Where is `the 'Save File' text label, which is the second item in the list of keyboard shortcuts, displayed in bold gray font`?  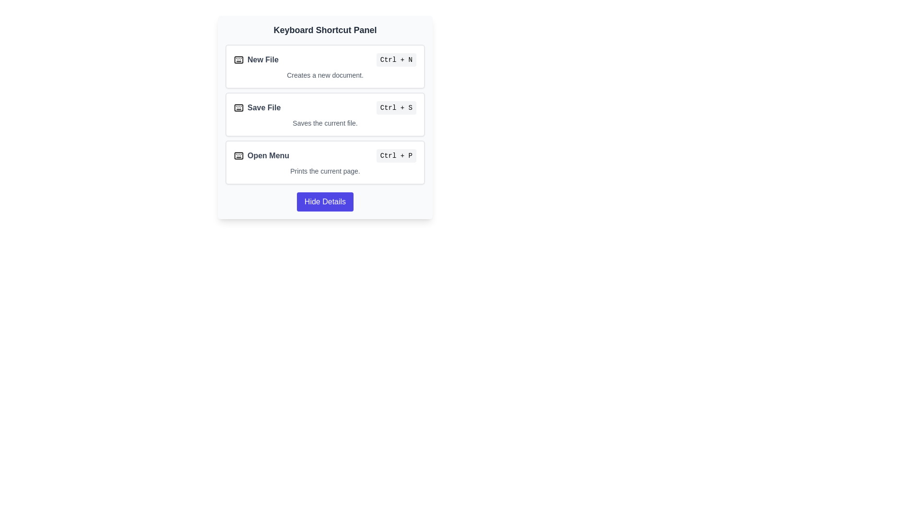
the 'Save File' text label, which is the second item in the list of keyboard shortcuts, displayed in bold gray font is located at coordinates (264, 107).